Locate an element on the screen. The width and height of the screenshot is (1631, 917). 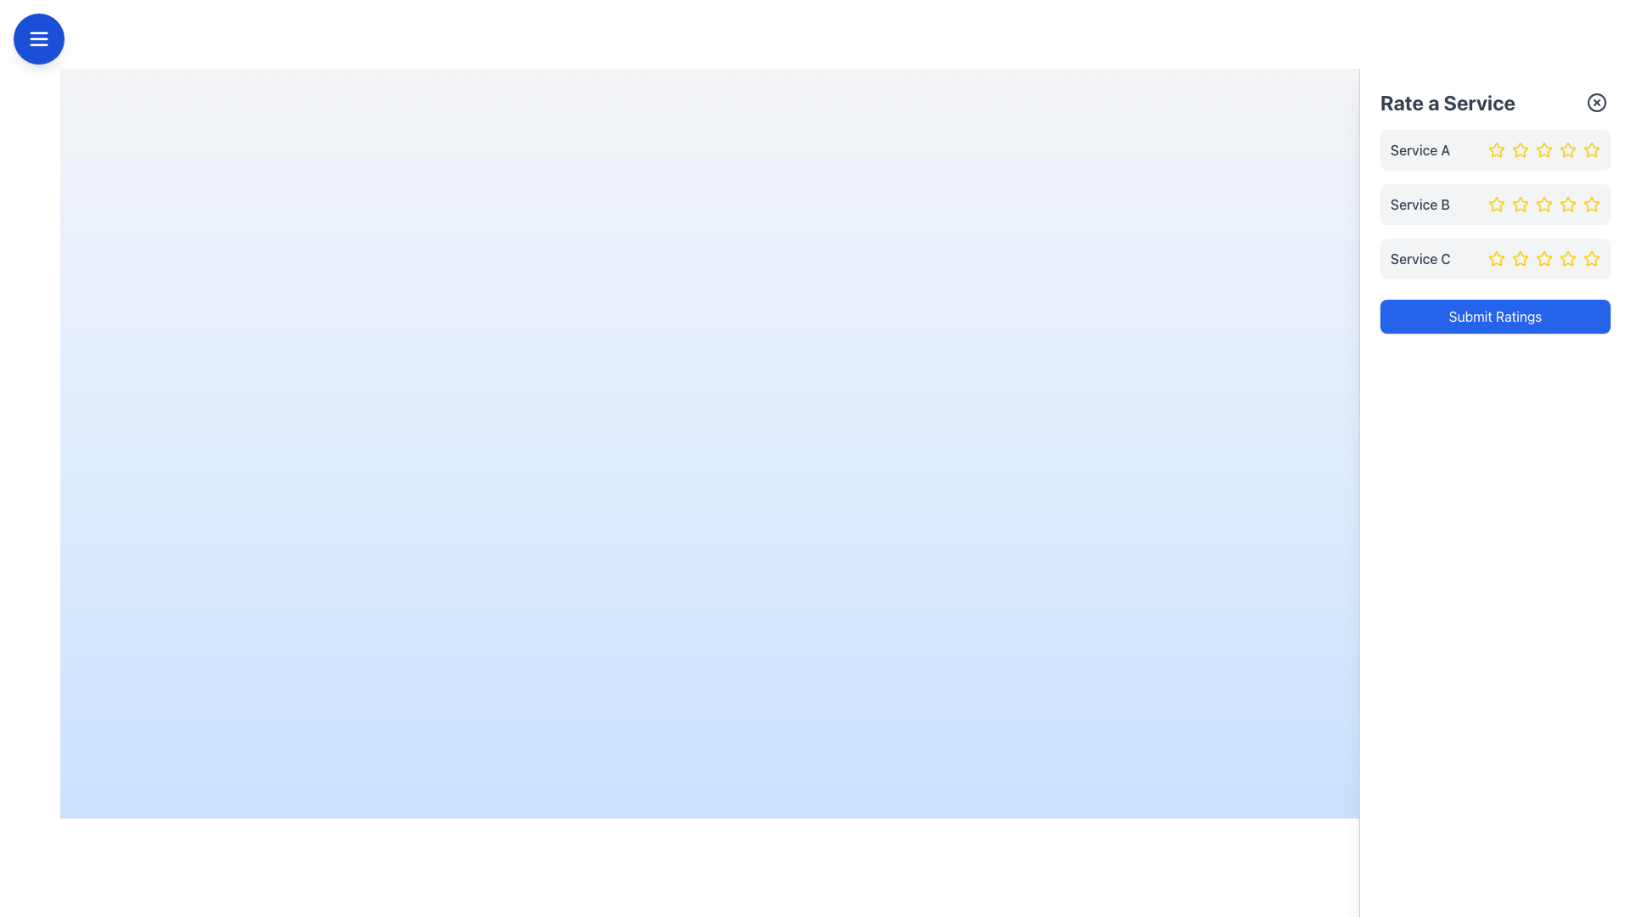
the 'Submit Ratings' button located at the bottom right of the 'Rate a Service' panel is located at coordinates (1495, 317).